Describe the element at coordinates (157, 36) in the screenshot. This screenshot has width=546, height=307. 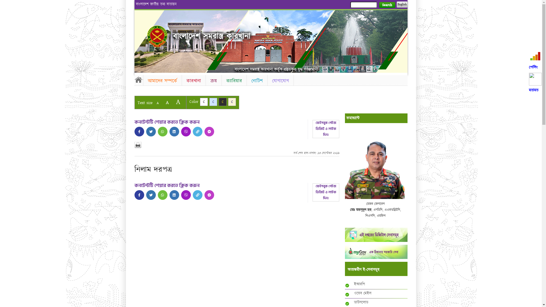
I see `'Home'` at that location.